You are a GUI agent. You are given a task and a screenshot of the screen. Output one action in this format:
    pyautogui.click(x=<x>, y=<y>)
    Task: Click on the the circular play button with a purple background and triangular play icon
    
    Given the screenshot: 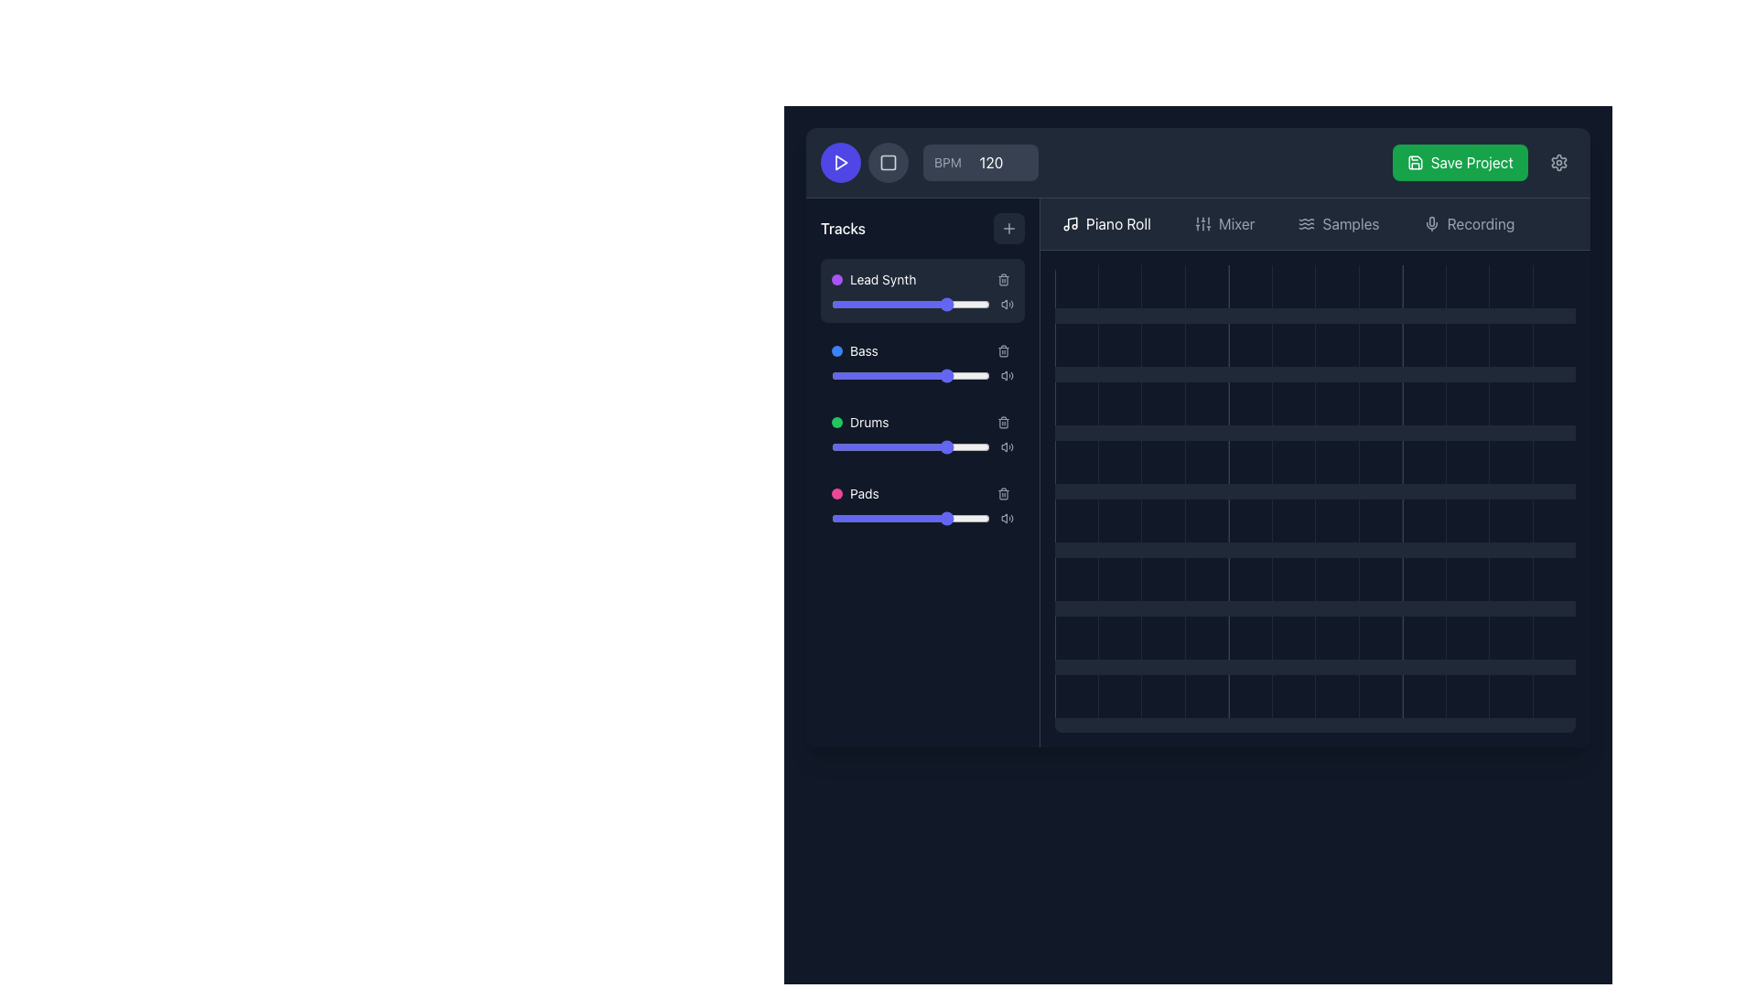 What is the action you would take?
    pyautogui.click(x=839, y=161)
    